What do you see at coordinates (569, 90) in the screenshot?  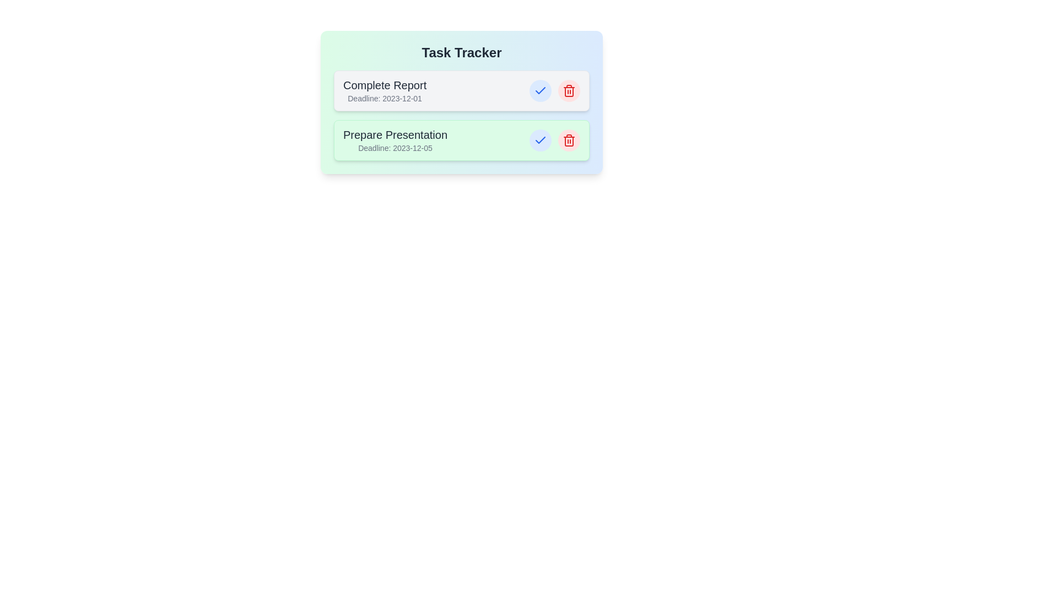 I see `the delete button for the task titled 'Complete Report'` at bounding box center [569, 90].